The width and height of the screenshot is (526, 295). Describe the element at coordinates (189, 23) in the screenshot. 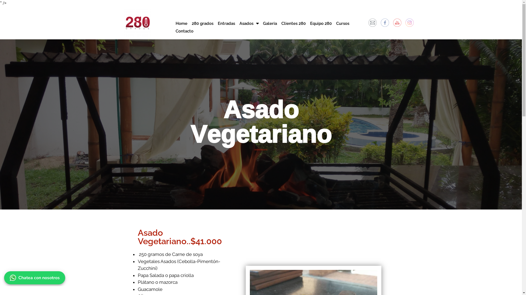

I see `'280 grados'` at that location.